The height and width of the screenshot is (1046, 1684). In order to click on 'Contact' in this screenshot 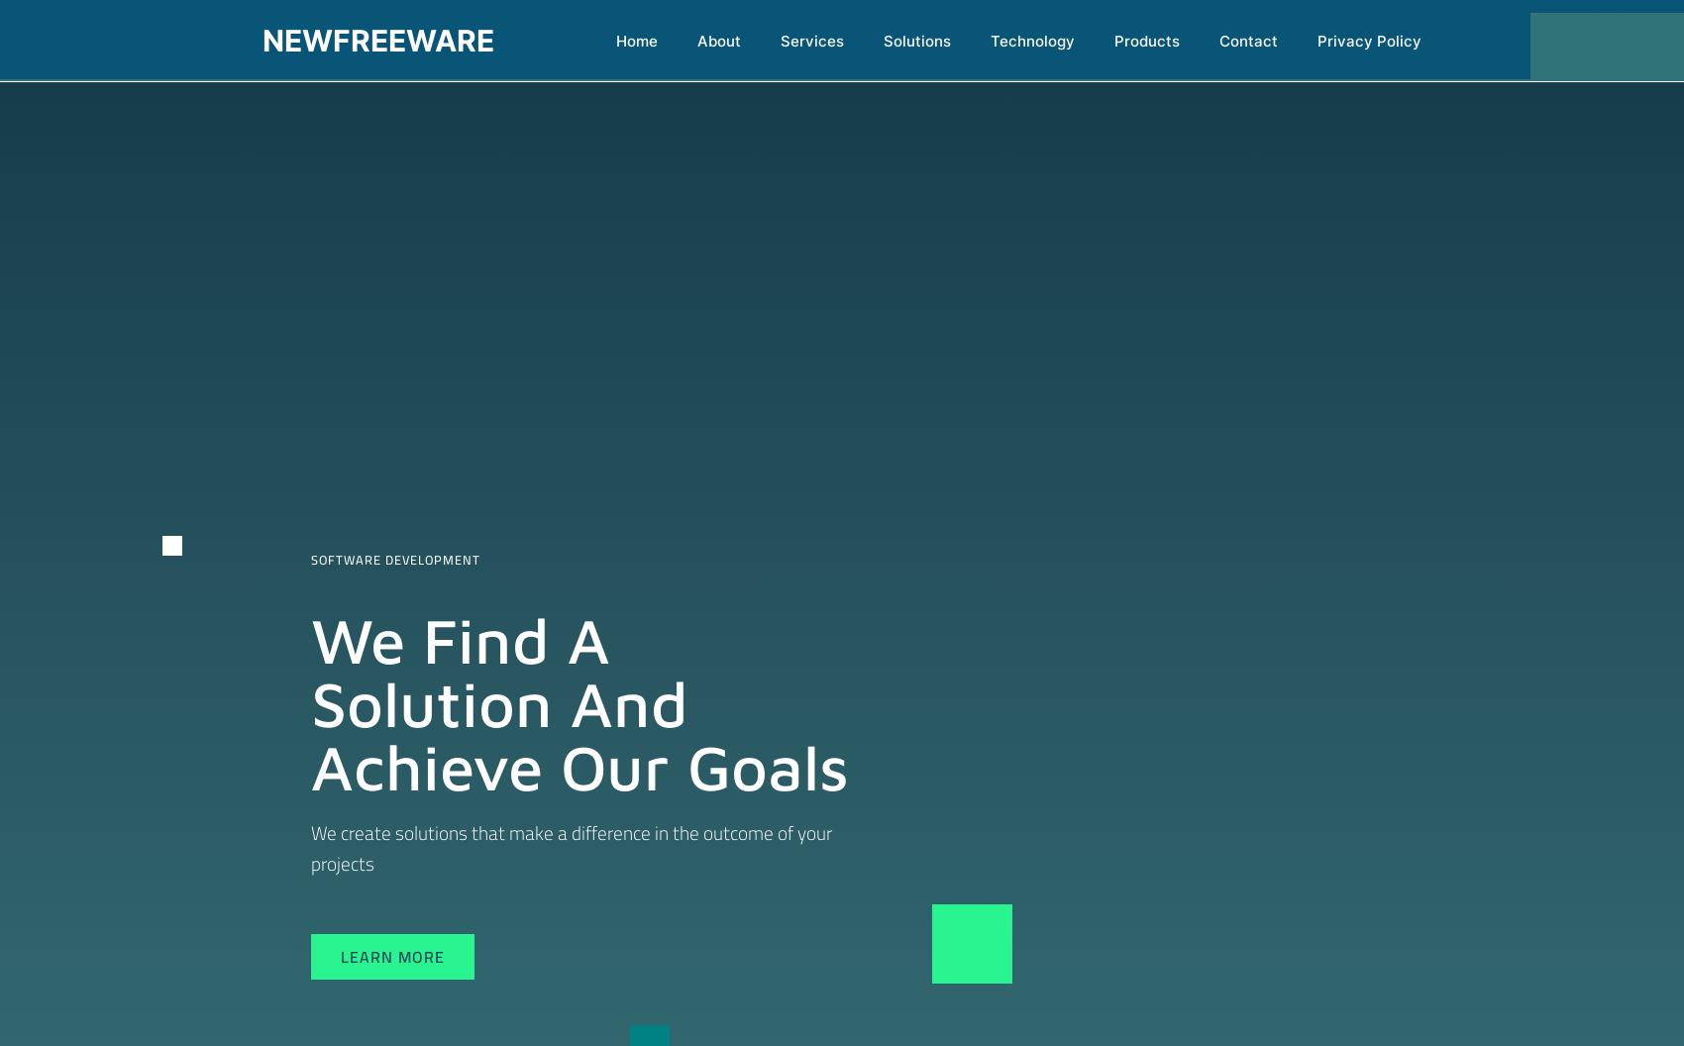, I will do `click(1247, 41)`.